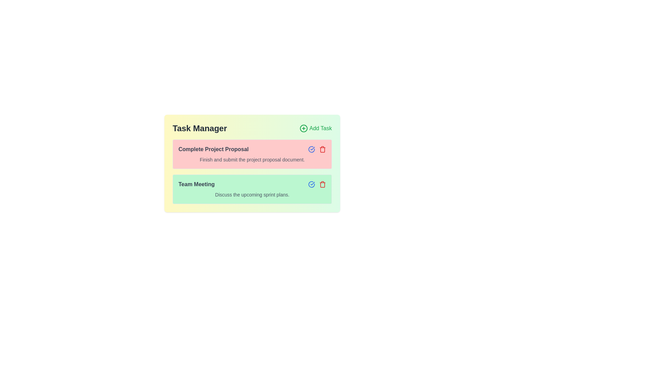 Image resolution: width=659 pixels, height=371 pixels. What do you see at coordinates (196, 184) in the screenshot?
I see `the Text Label that reads 'Team Meeting'` at bounding box center [196, 184].